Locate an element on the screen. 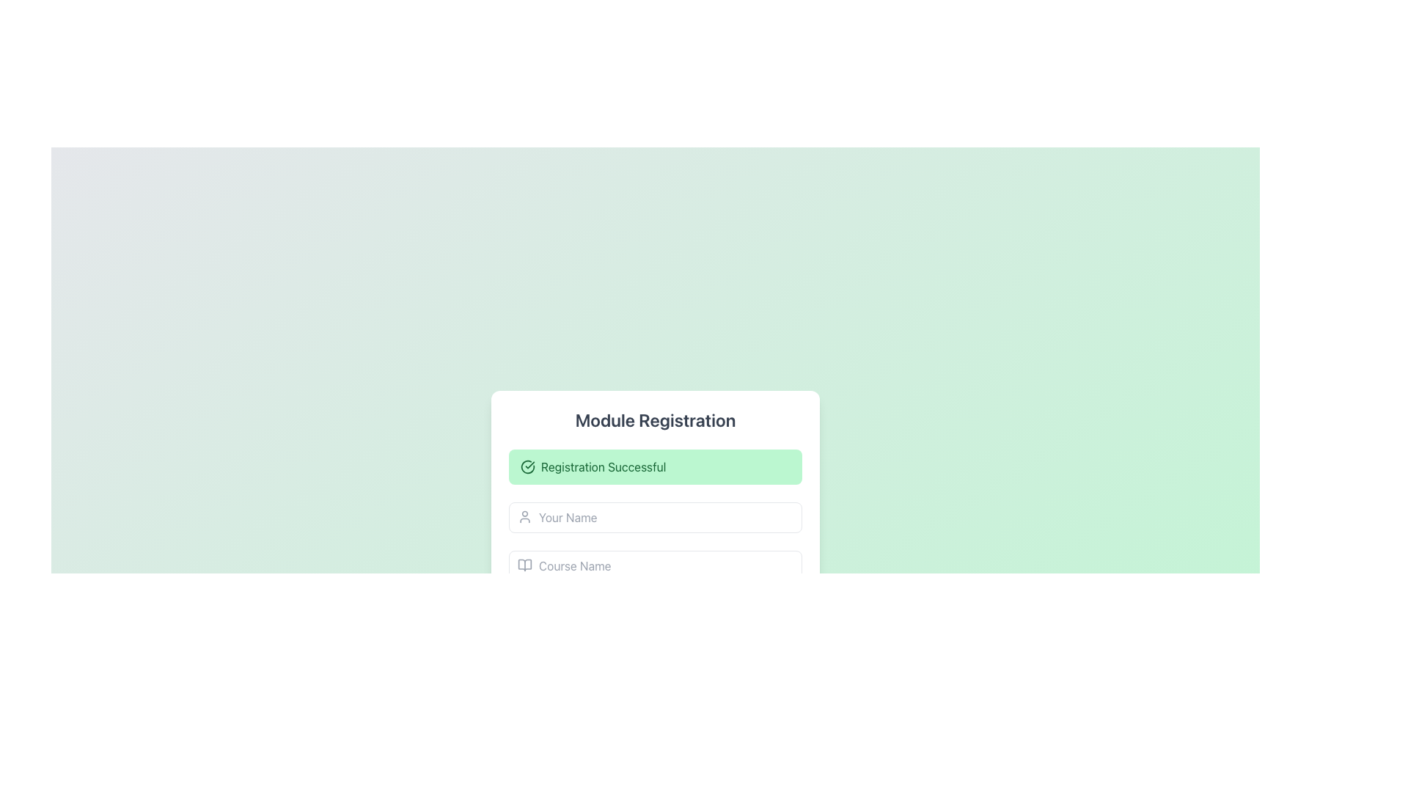  the icon located in the left-most part of the 'Course Name' input field, which visually indicates the type of input expected is located at coordinates (524, 565).